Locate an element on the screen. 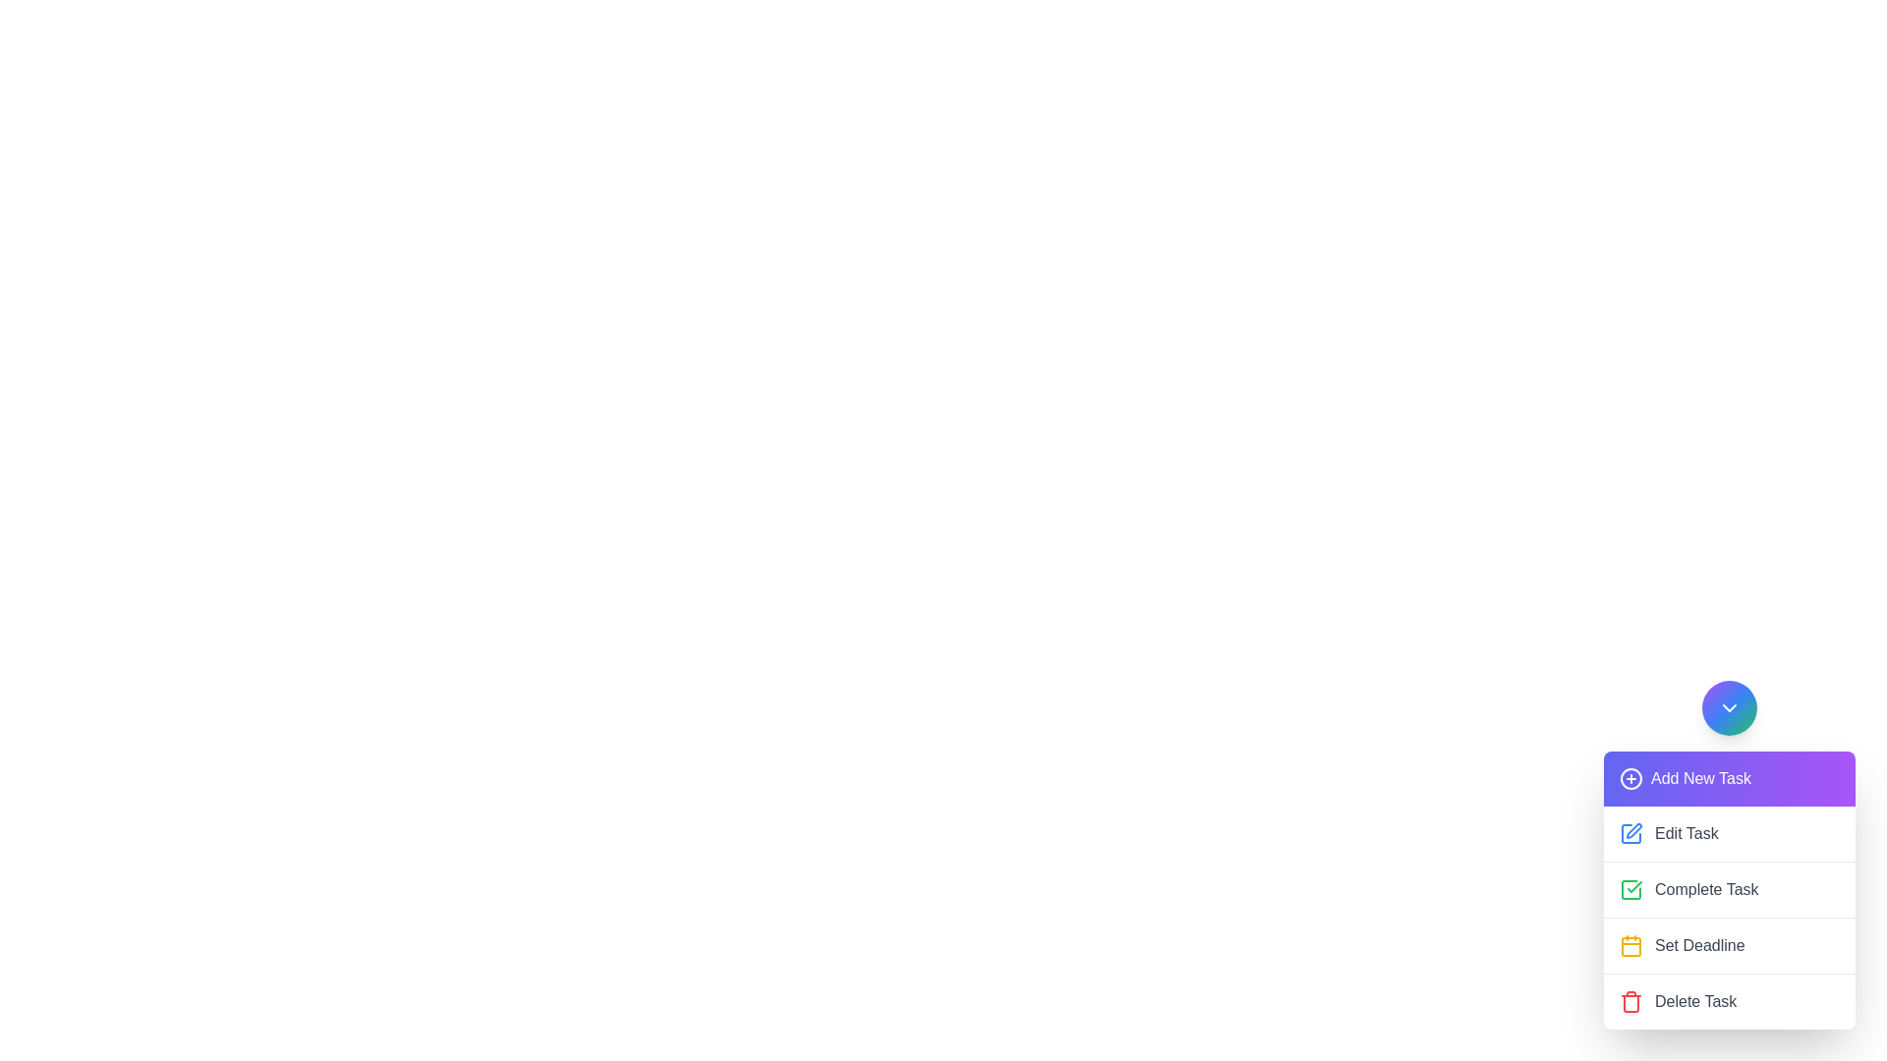 Image resolution: width=1887 pixels, height=1061 pixels. the circular button with a gradient background and a white downward-facing arrow icon is located at coordinates (1730, 708).